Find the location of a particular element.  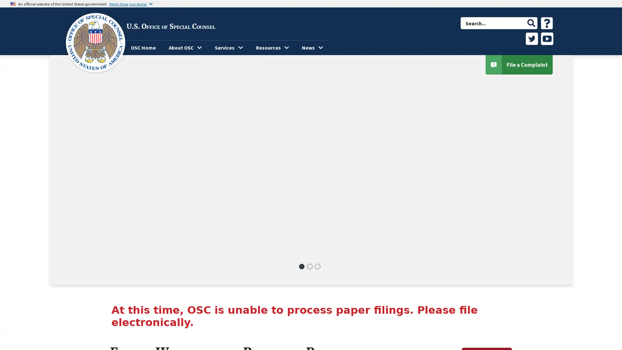

Resources is located at coordinates (272, 47).